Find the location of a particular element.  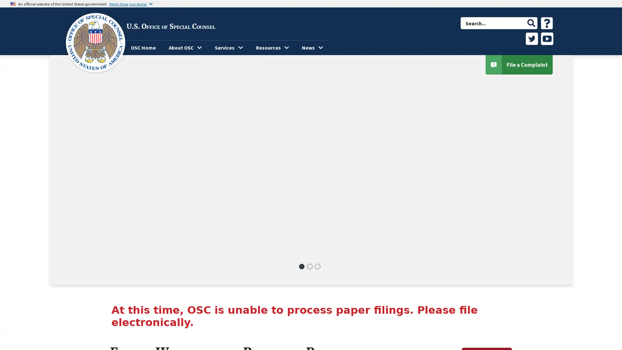

Resources is located at coordinates (272, 47).